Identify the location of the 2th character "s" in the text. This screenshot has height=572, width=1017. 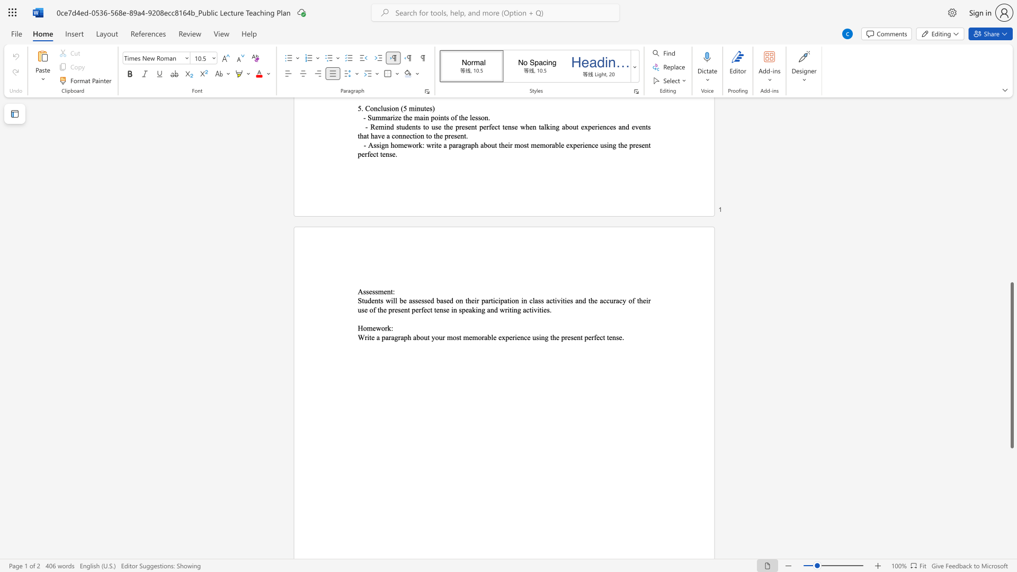
(537, 337).